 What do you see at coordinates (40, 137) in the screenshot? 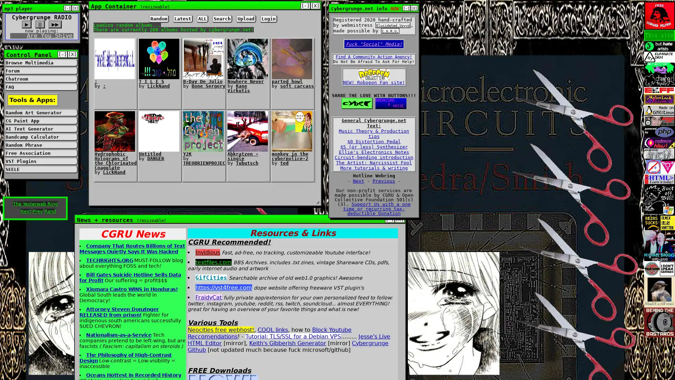
I see `Bandcamp Calculator` at bounding box center [40, 137].